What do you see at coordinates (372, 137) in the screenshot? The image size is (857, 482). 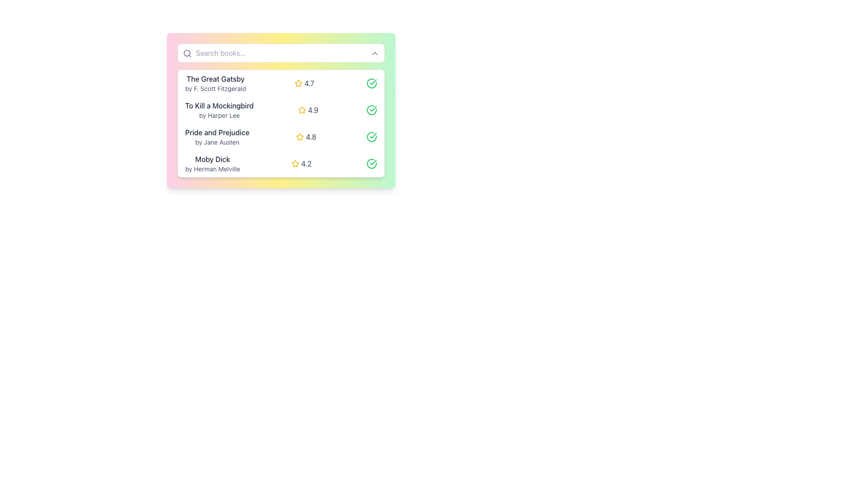 I see `the status indicator icon located to the right of 'Pride and Prejudice by Jane Austen' and near the rating '4.8'` at bounding box center [372, 137].